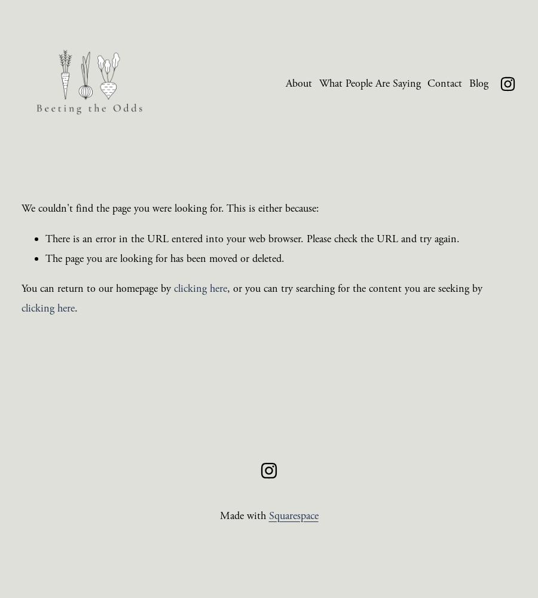  Describe the element at coordinates (243, 515) in the screenshot. I see `'Made with'` at that location.